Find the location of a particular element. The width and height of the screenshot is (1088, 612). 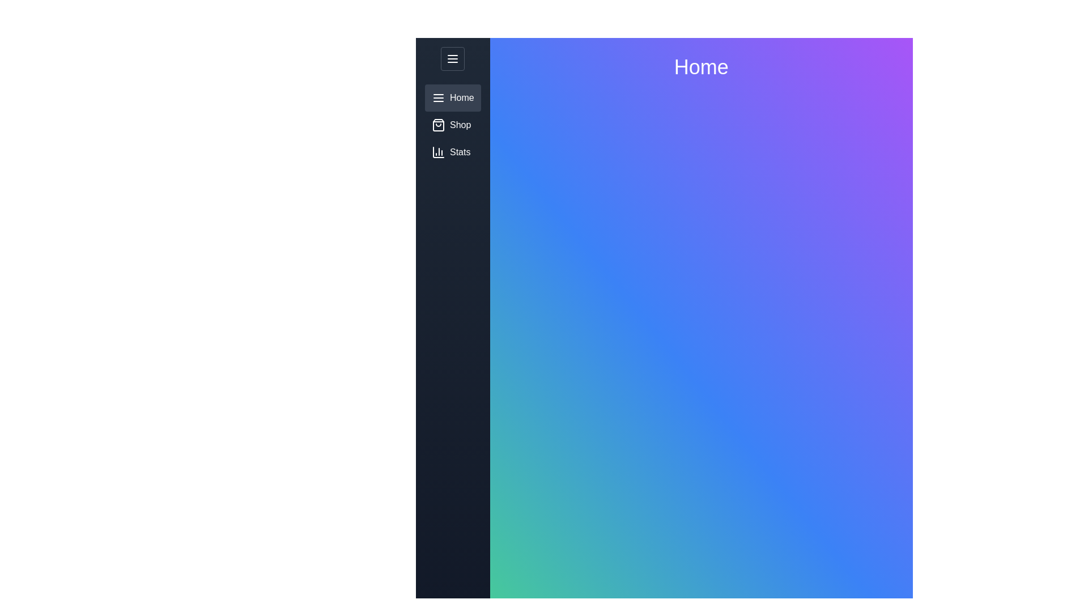

the menu item 'Shop' by clicking on its respective option is located at coordinates (452, 125).